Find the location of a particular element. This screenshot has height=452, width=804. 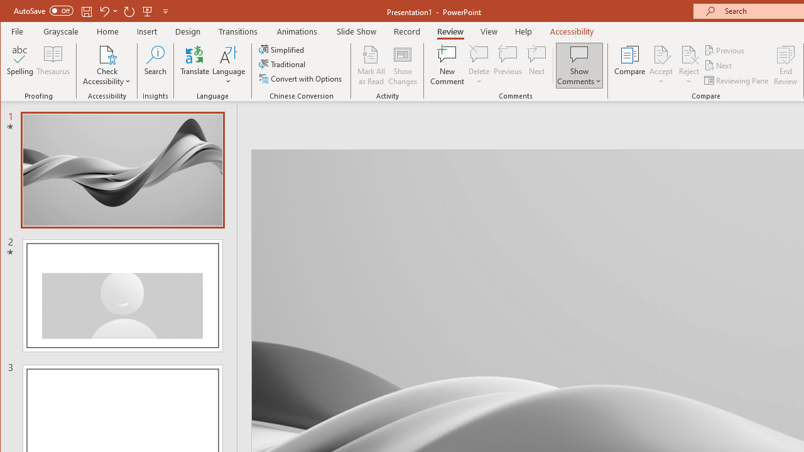

'Undo' is located at coordinates (104, 11).